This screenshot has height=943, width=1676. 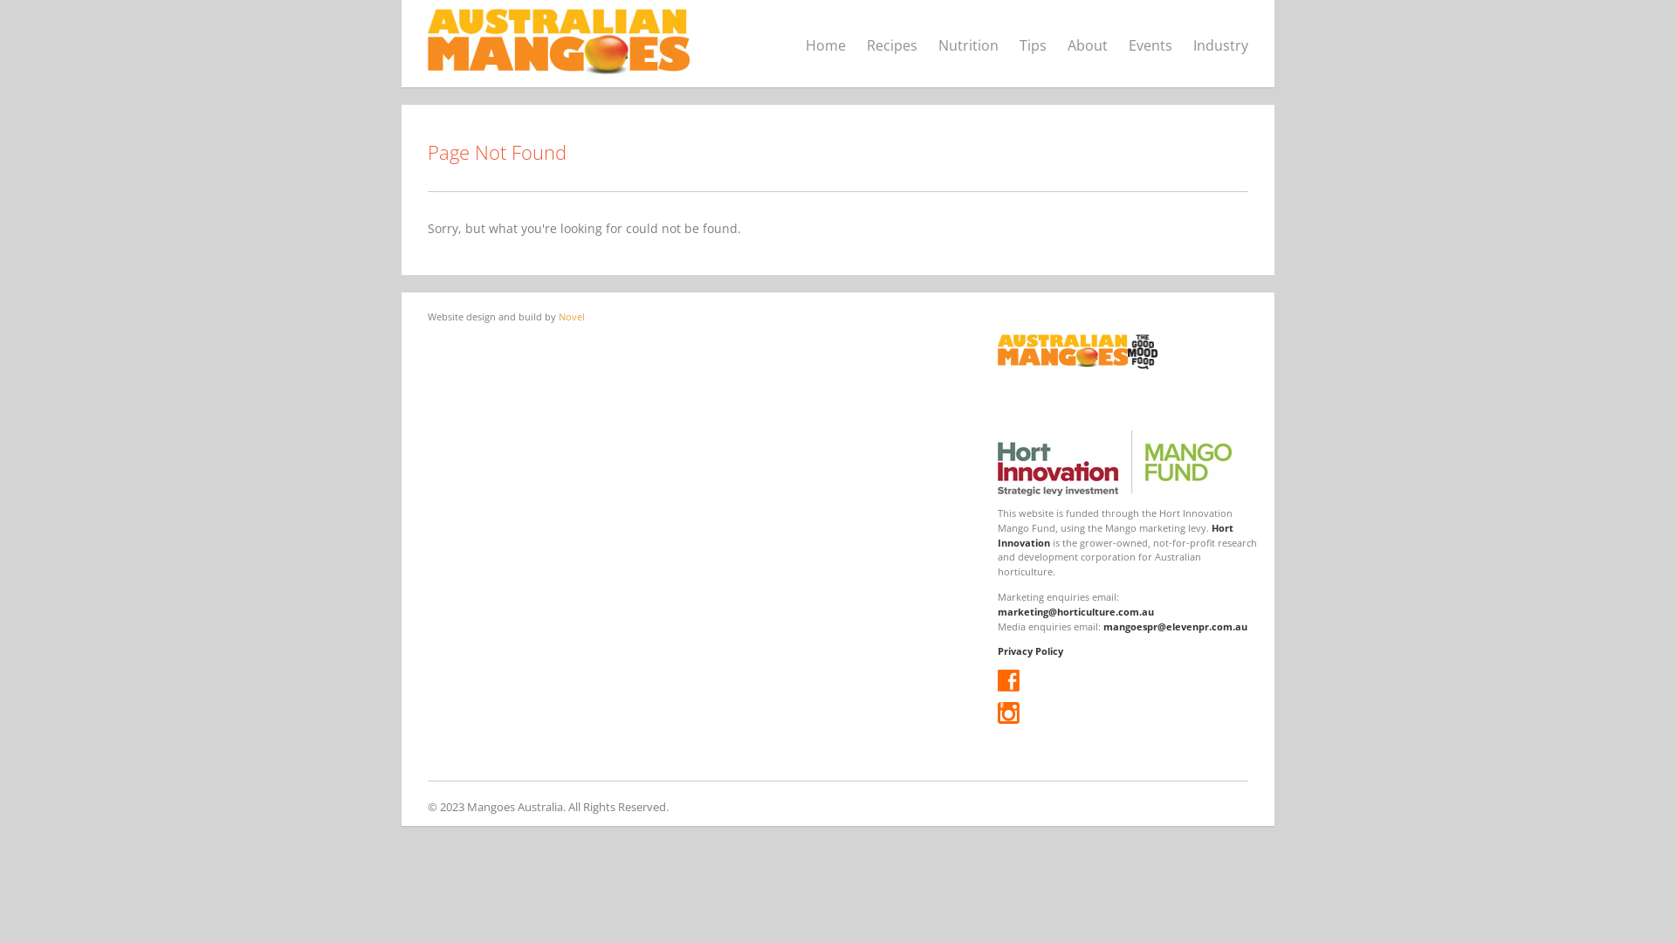 I want to click on 'mangoespr@elevenpr.com.au', so click(x=1175, y=625).